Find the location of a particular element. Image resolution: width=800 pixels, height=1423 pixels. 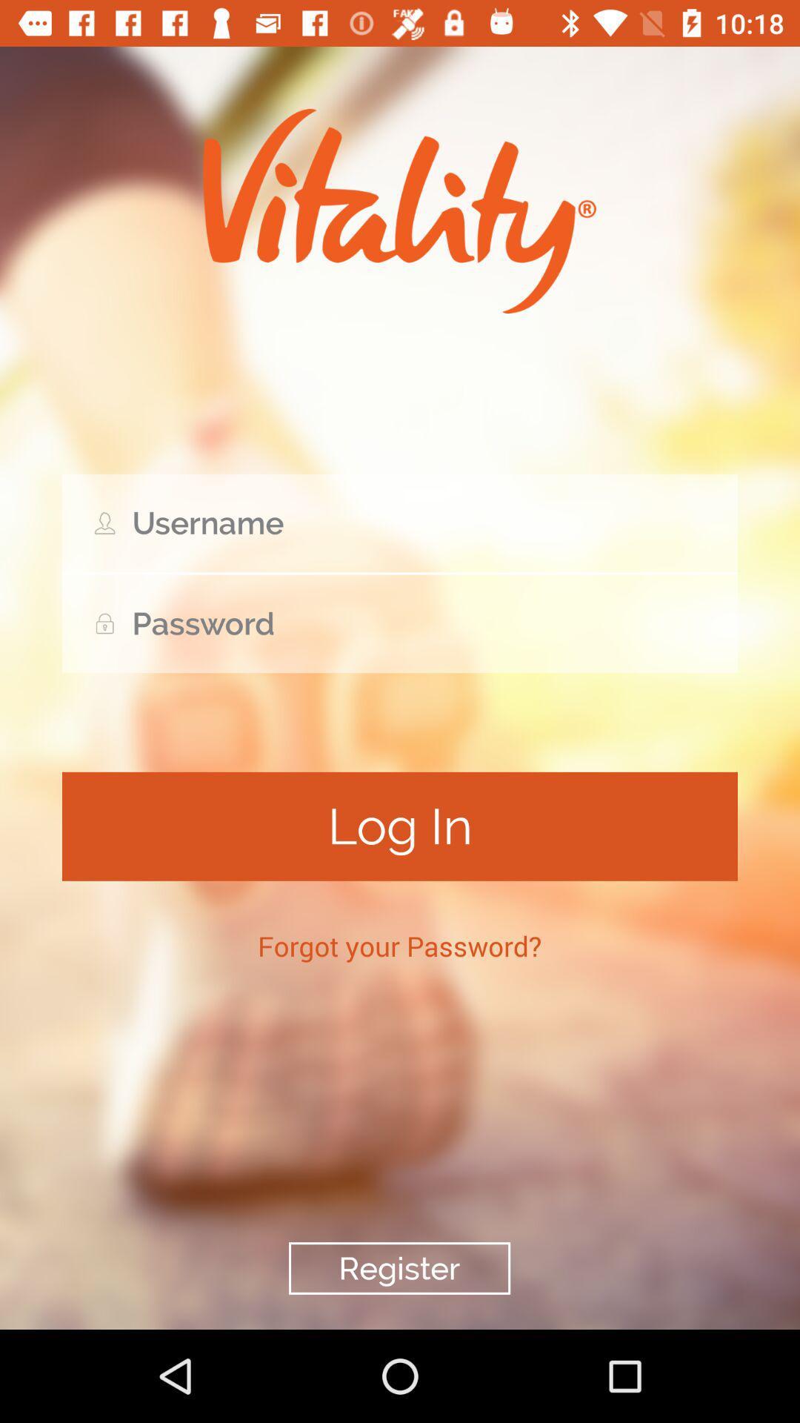

password is located at coordinates (400, 623).